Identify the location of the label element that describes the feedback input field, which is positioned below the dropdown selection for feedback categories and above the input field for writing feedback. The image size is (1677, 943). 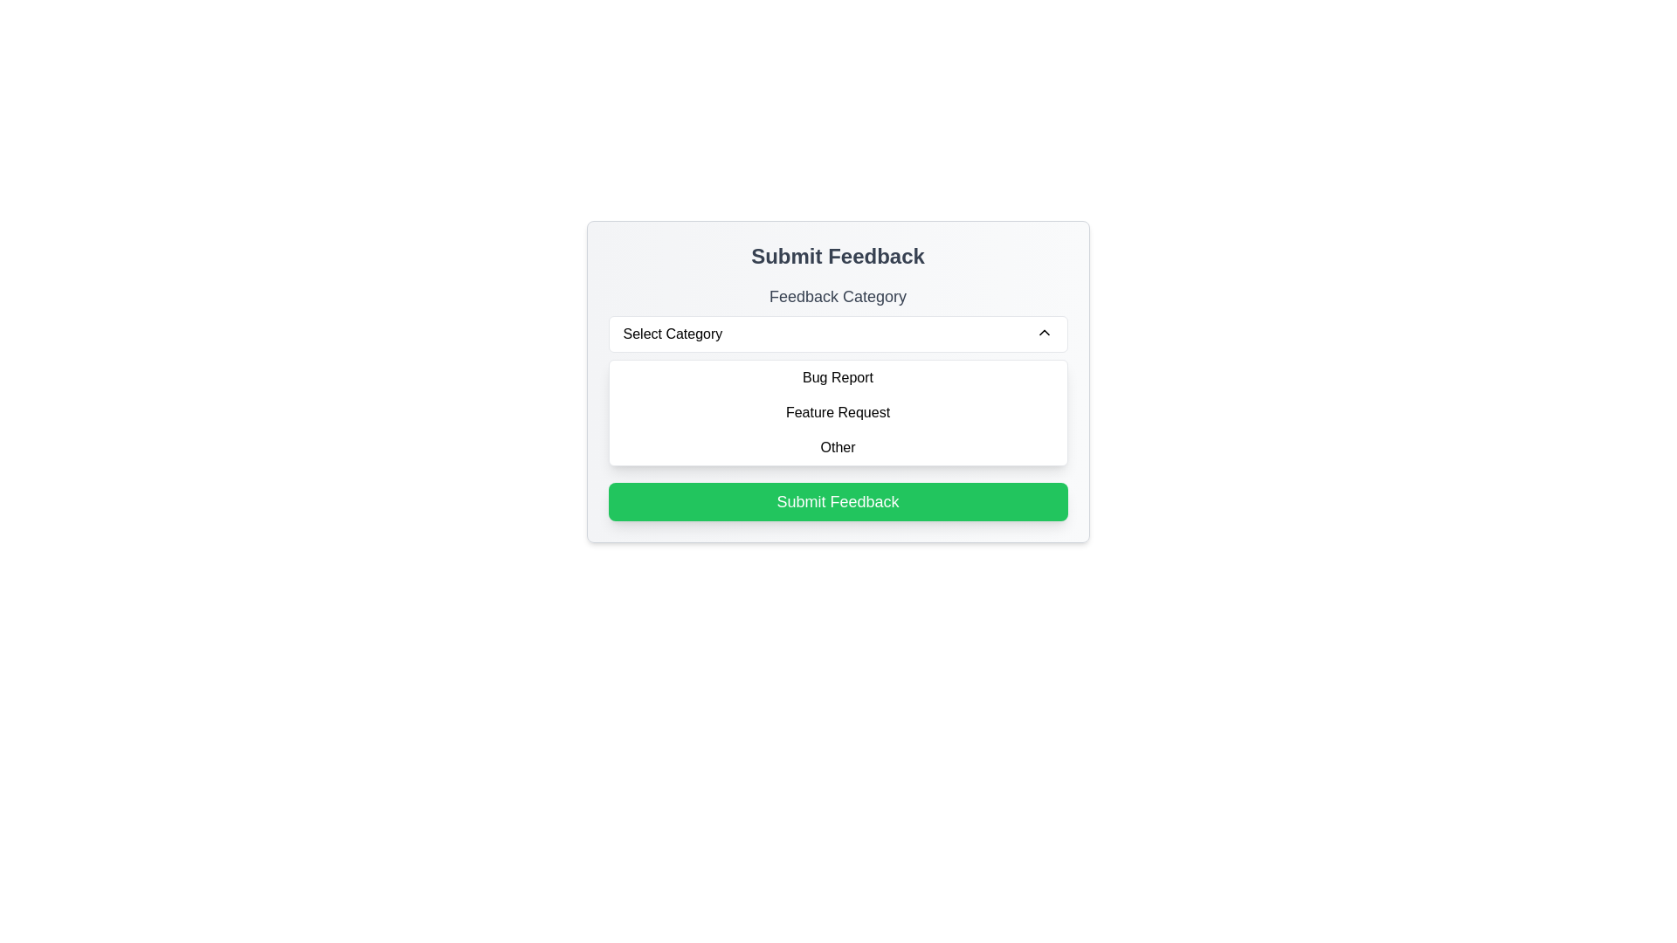
(837, 378).